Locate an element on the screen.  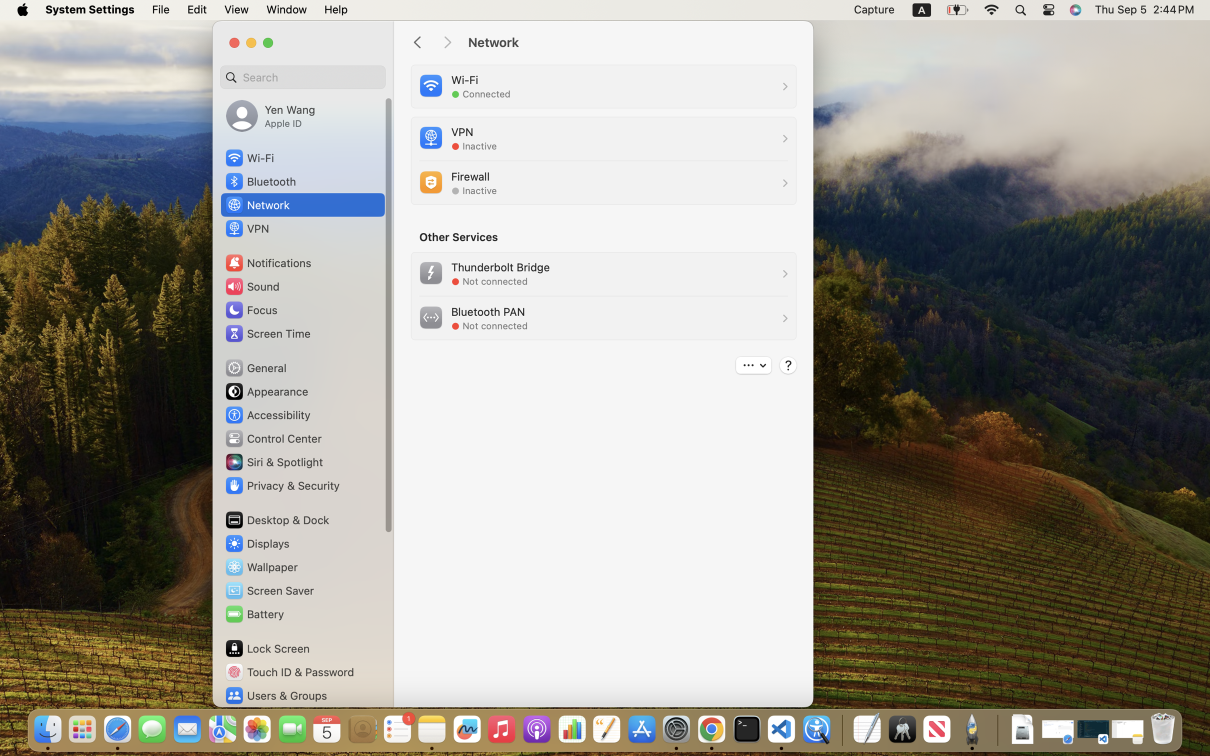
'Lock Screen' is located at coordinates (267, 648).